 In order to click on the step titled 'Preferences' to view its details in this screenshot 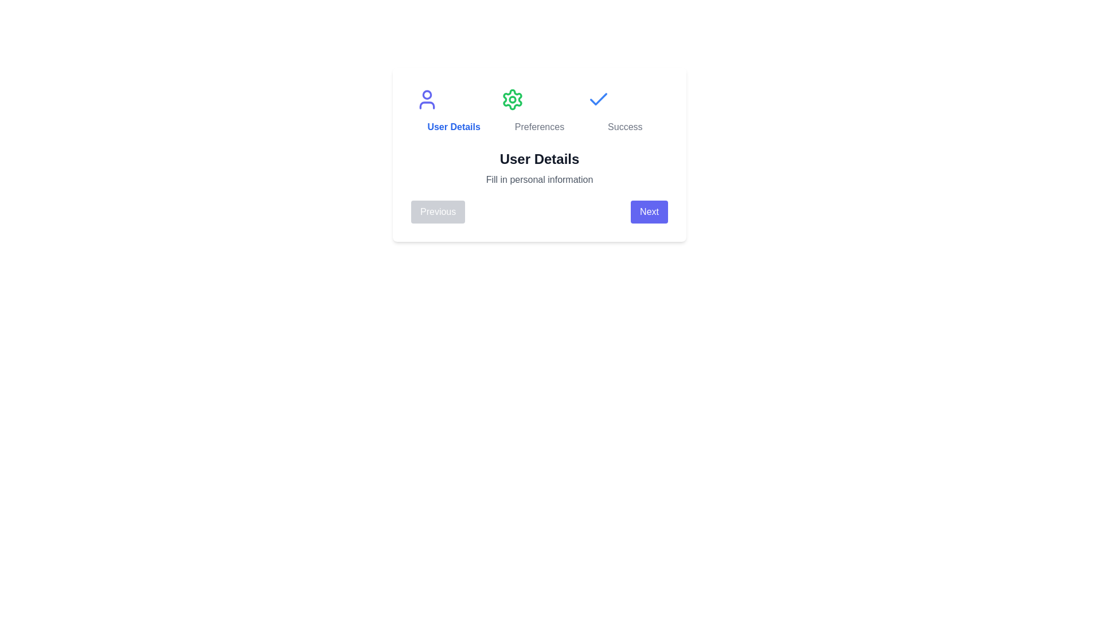, I will do `click(538, 111)`.